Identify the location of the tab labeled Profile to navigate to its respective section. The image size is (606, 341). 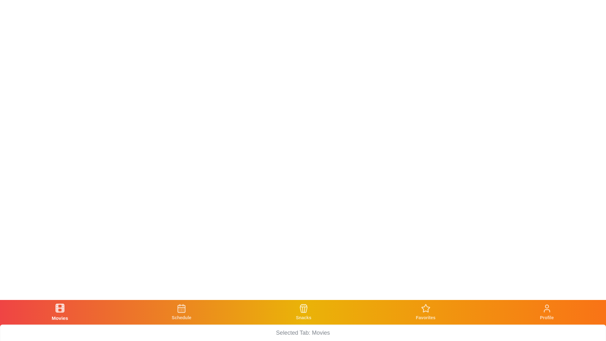
(546, 312).